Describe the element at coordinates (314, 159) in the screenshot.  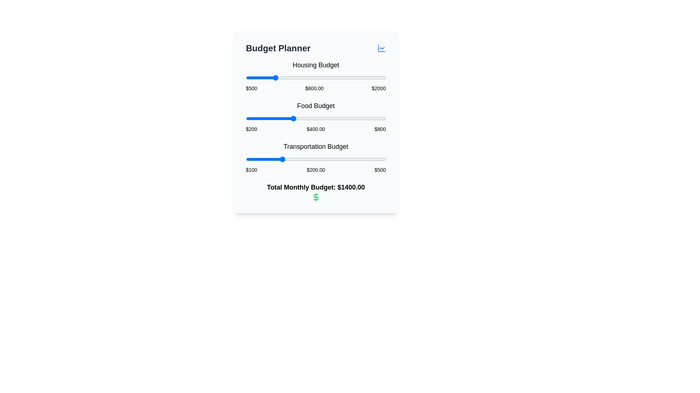
I see `the transportation budget` at that location.